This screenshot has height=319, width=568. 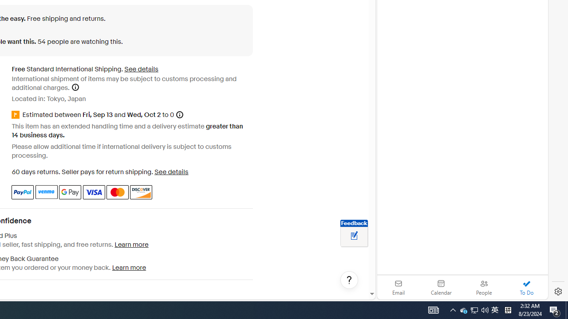 What do you see at coordinates (23, 191) in the screenshot?
I see `'PayPal'` at bounding box center [23, 191].